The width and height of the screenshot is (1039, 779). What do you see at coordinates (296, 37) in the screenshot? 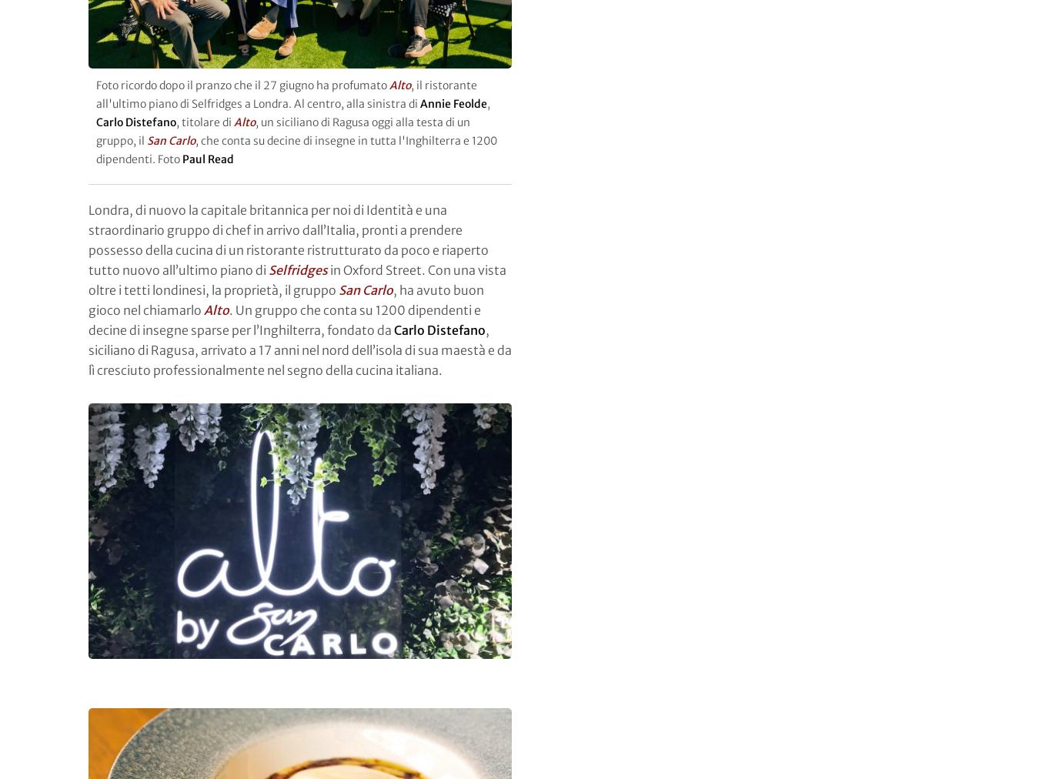
I see `'ha infornato una focaccia bianca servendola ai cuochi con olio e mortadella. Pizza e mortazza e tutti felici.'` at bounding box center [296, 37].